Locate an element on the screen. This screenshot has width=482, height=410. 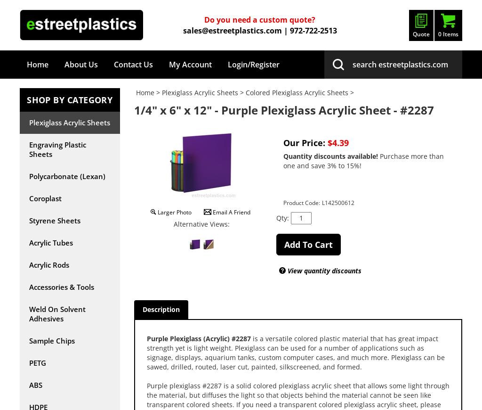
'SHOP BY CATEGORY' is located at coordinates (69, 99).